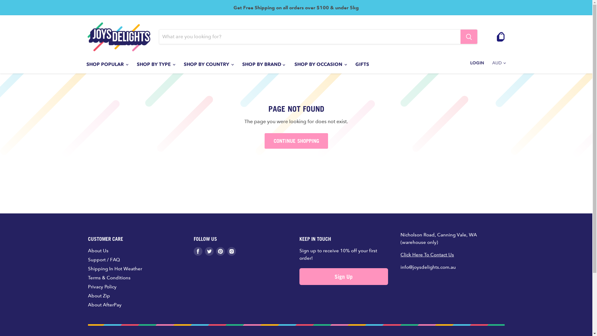 This screenshot has height=336, width=597. What do you see at coordinates (362, 64) in the screenshot?
I see `'GIFTS'` at bounding box center [362, 64].